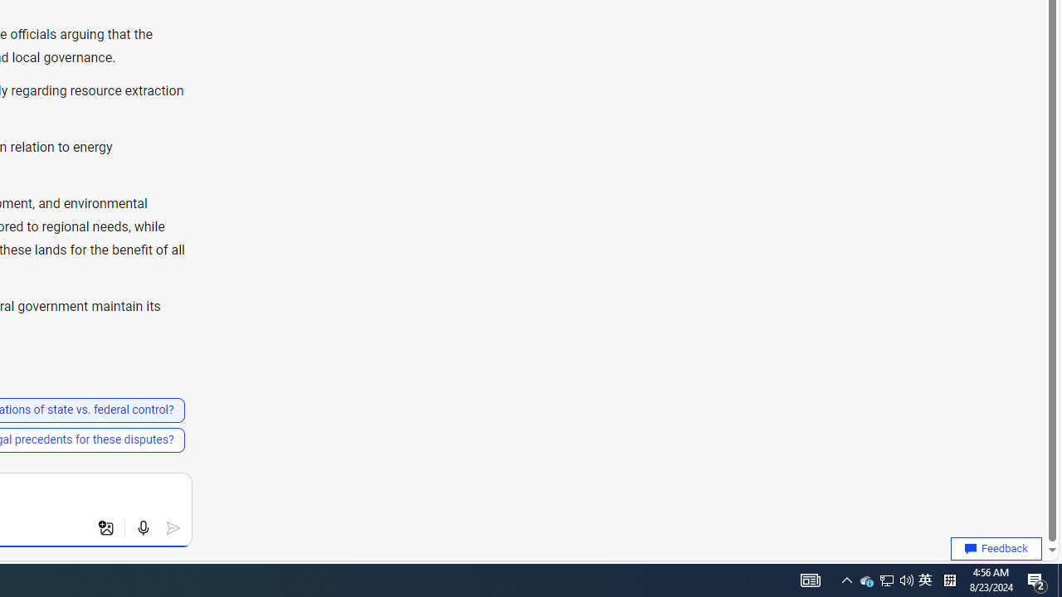  What do you see at coordinates (143, 528) in the screenshot?
I see `'Use microphone'` at bounding box center [143, 528].